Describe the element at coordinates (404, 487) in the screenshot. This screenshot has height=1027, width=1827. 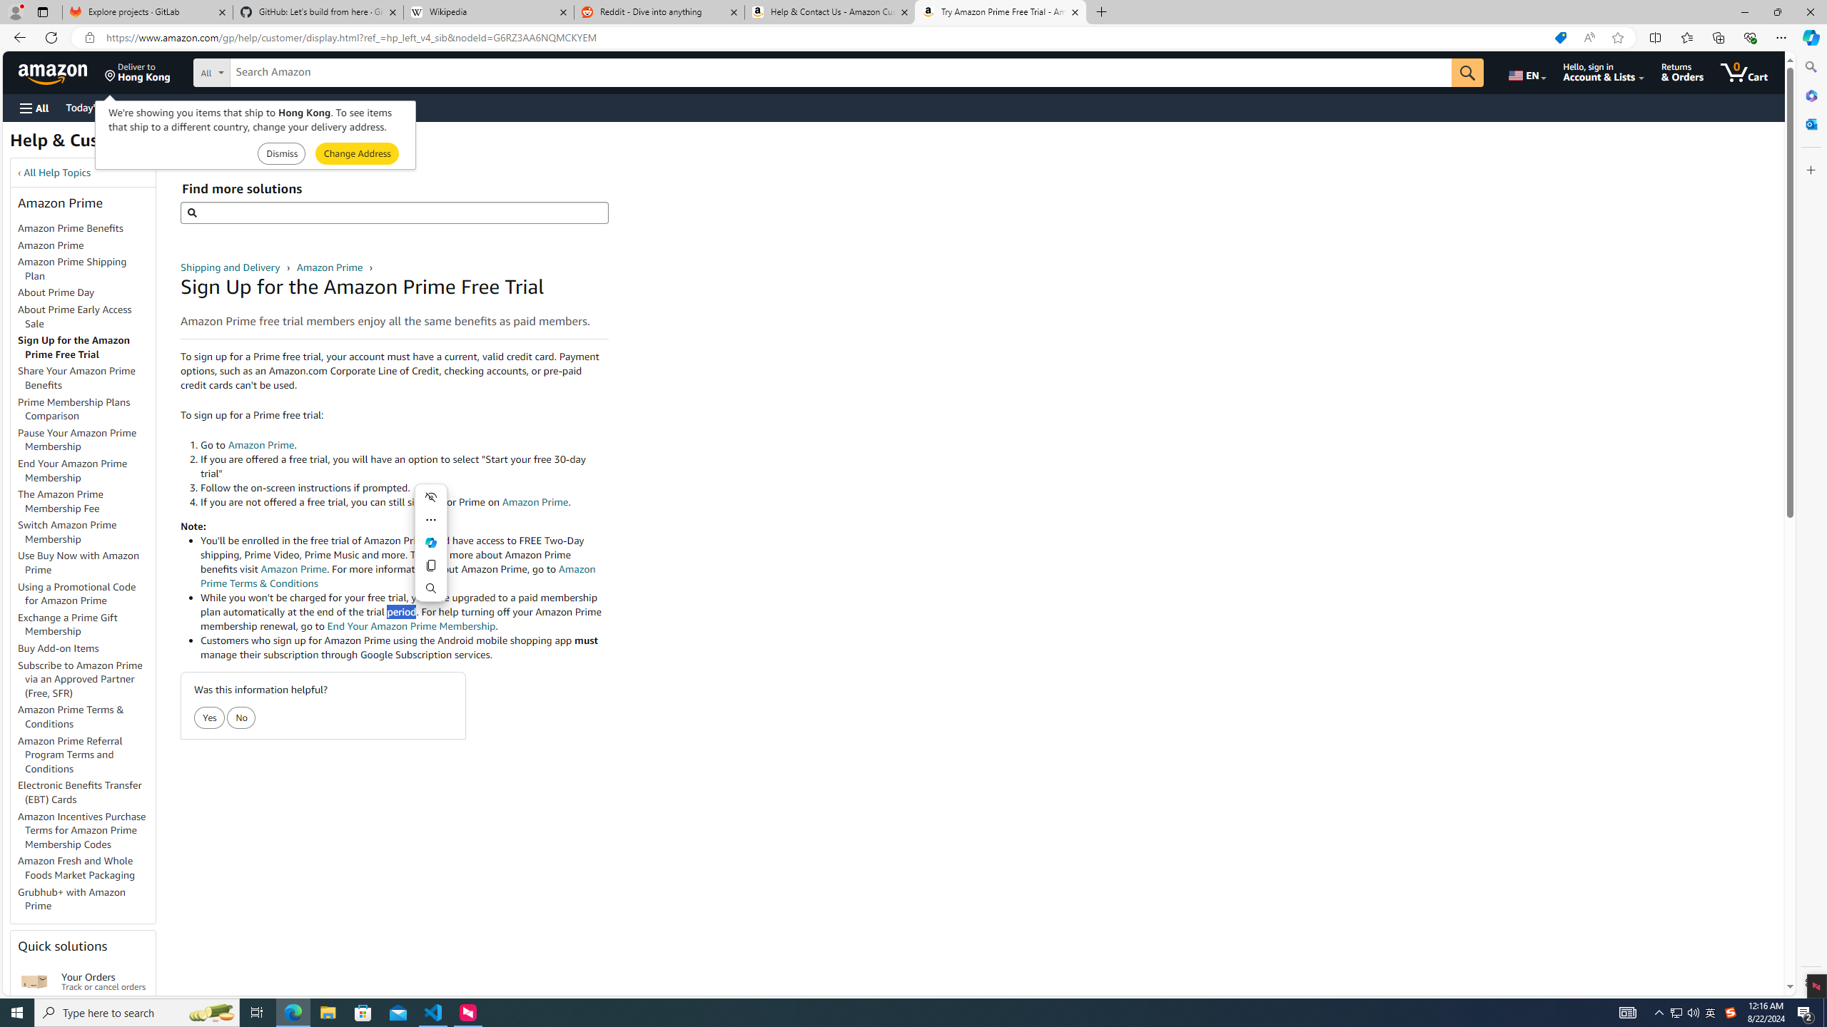
I see `'Follow the on-screen instructions if prompted.'` at that location.